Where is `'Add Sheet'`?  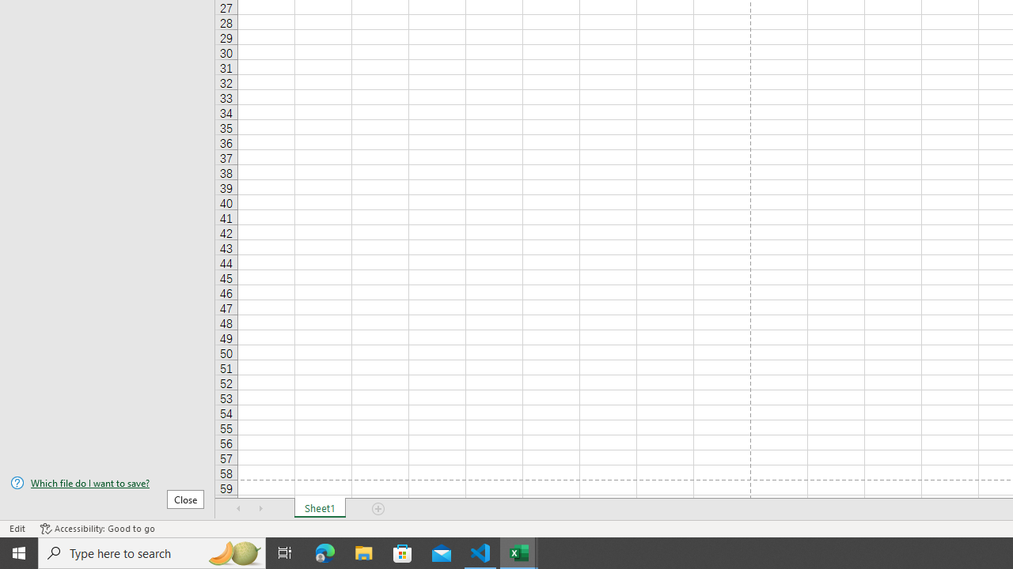
'Add Sheet' is located at coordinates (378, 509).